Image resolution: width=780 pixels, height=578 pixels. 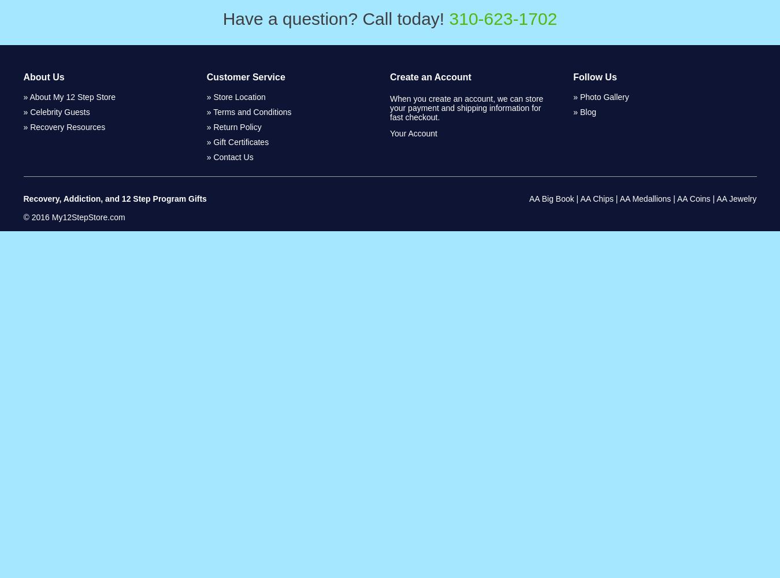 What do you see at coordinates (736, 198) in the screenshot?
I see `'AA Jewelry'` at bounding box center [736, 198].